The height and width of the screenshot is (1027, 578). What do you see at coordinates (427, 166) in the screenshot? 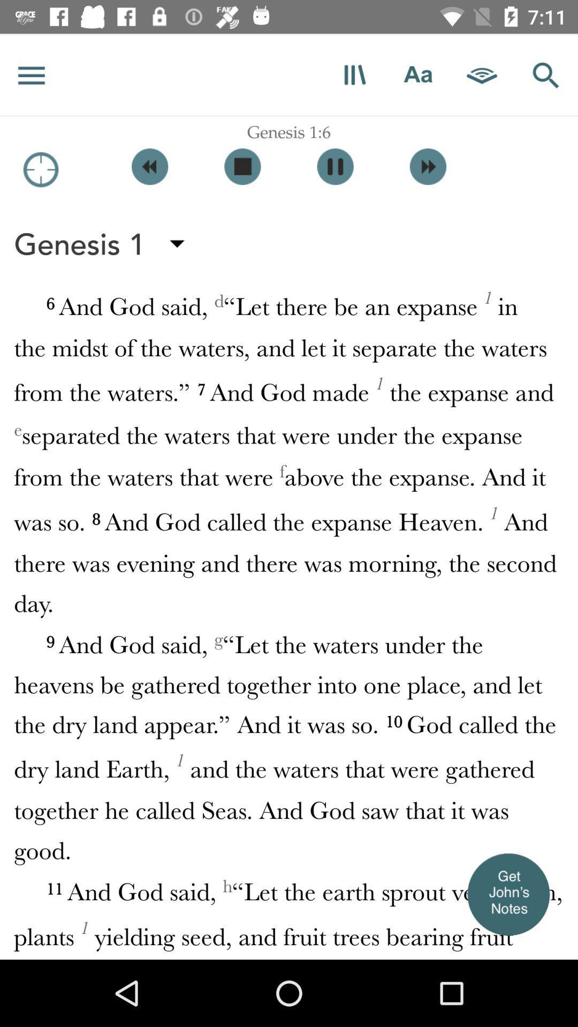
I see `pay next` at bounding box center [427, 166].